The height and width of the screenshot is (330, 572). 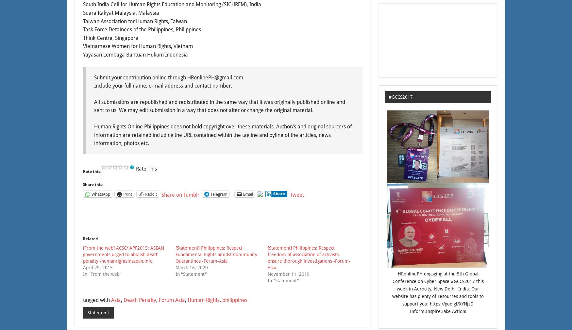 What do you see at coordinates (93, 184) in the screenshot?
I see `'Share this:'` at bounding box center [93, 184].